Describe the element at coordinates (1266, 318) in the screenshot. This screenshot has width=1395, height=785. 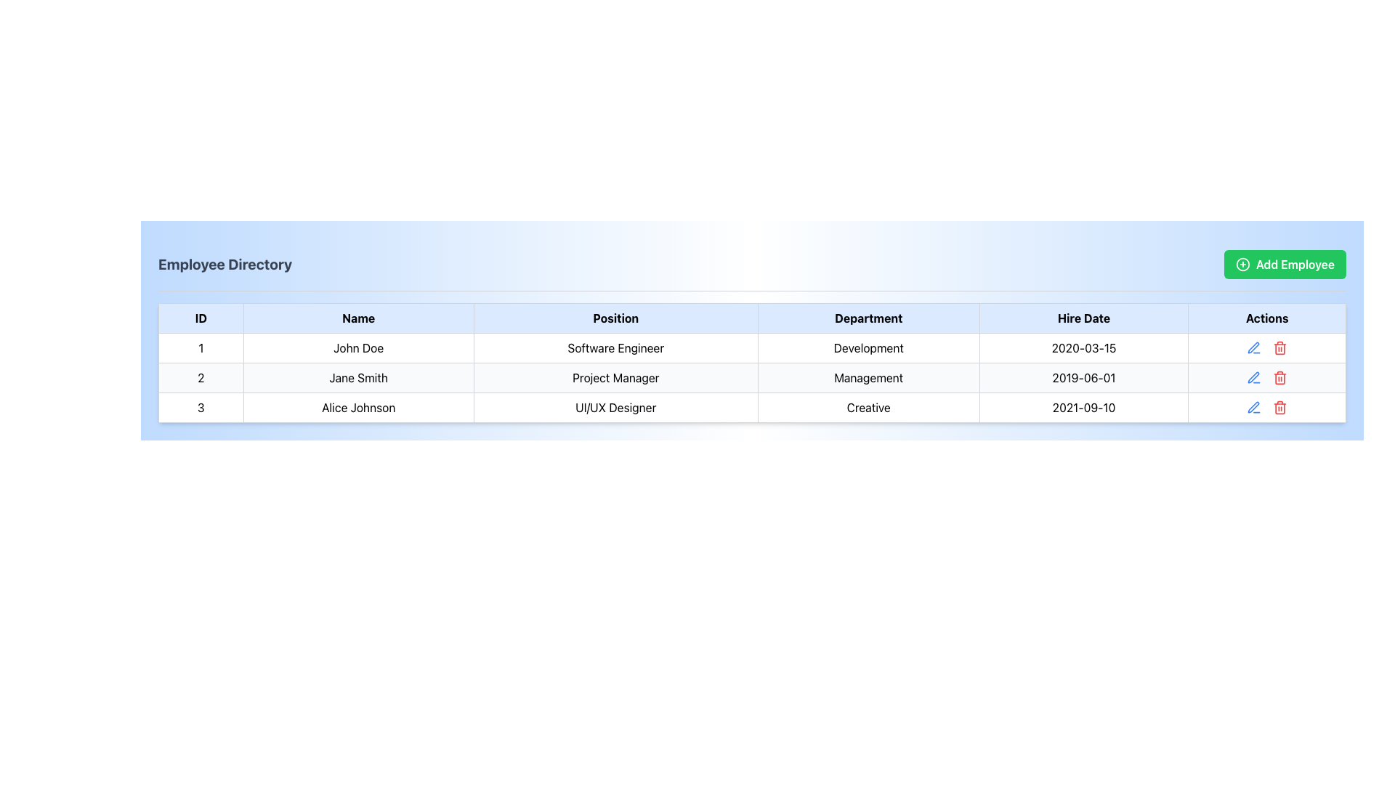
I see `the 'Actions' header cell in the table, which is the sixth header cell located at the far-right of the header row` at that location.